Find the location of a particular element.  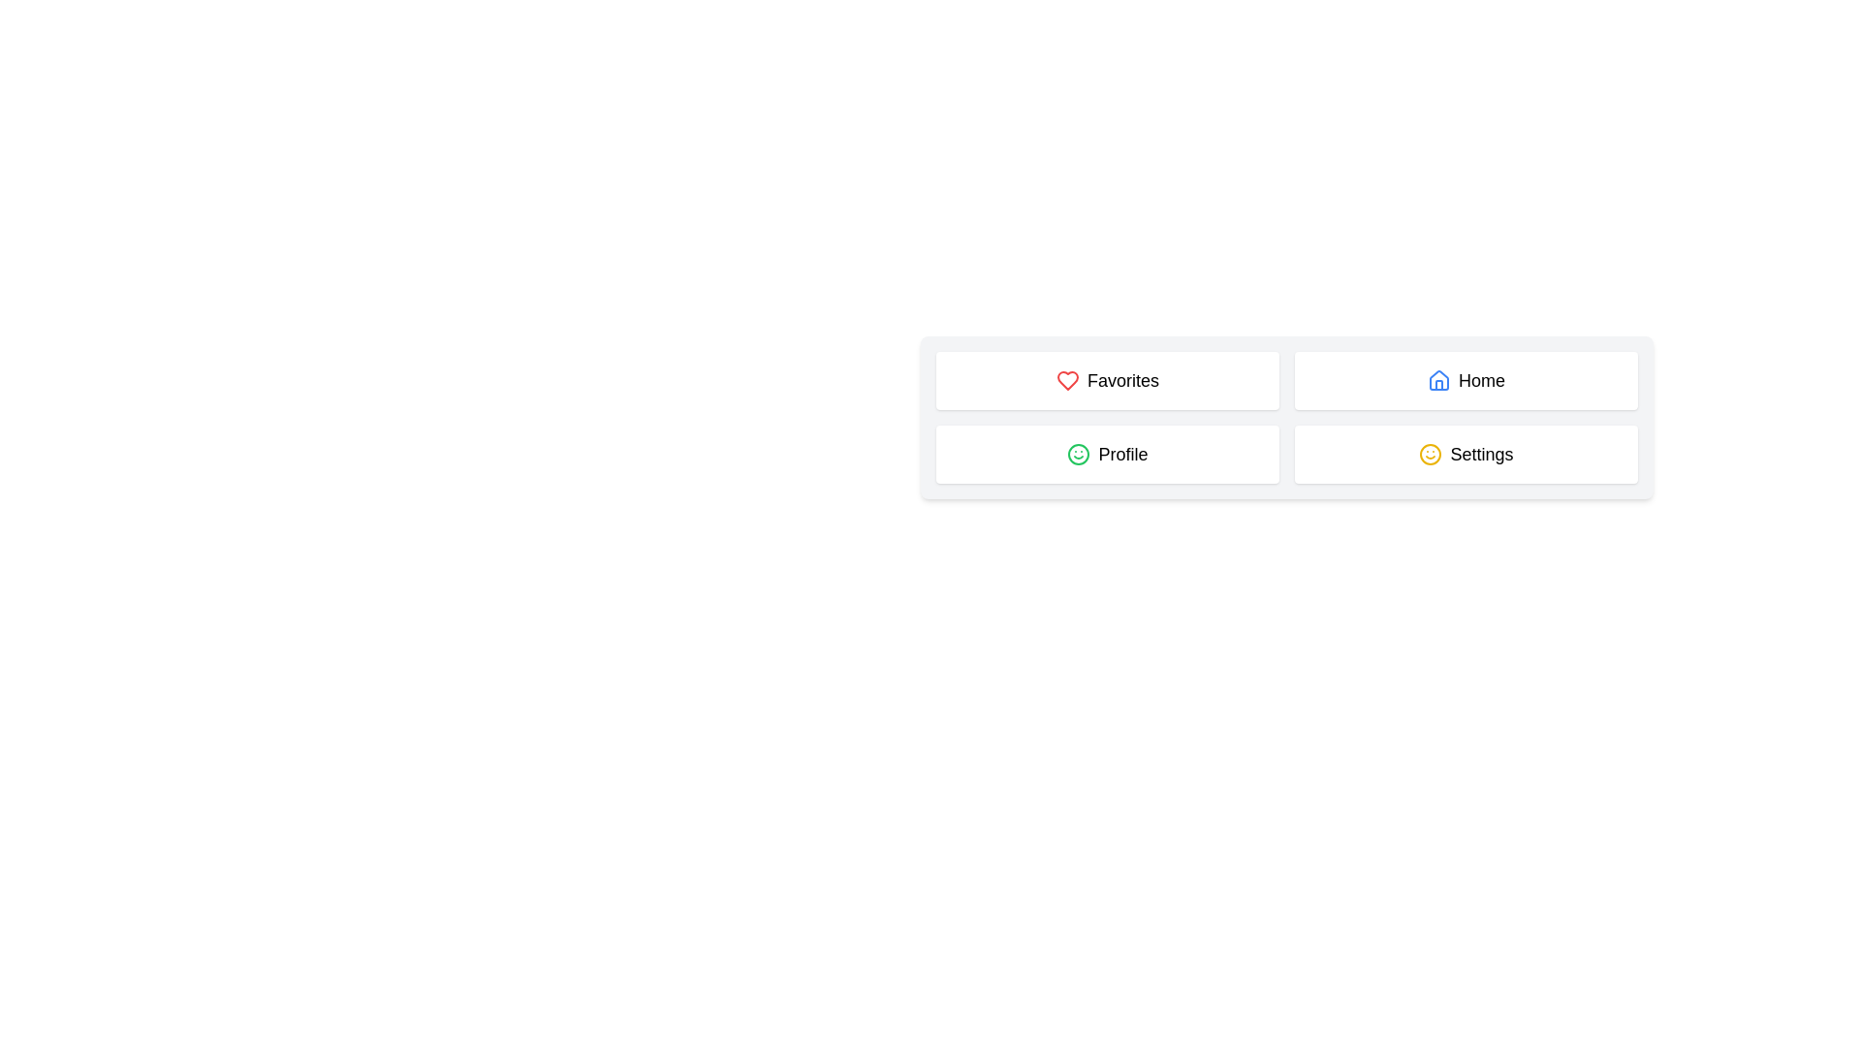

the 'Settings' button, which has a white background, rounded corners, and a yellow smiling face icon next to the text in bold black font, located at the bottom right of the grid layout is located at coordinates (1466, 455).